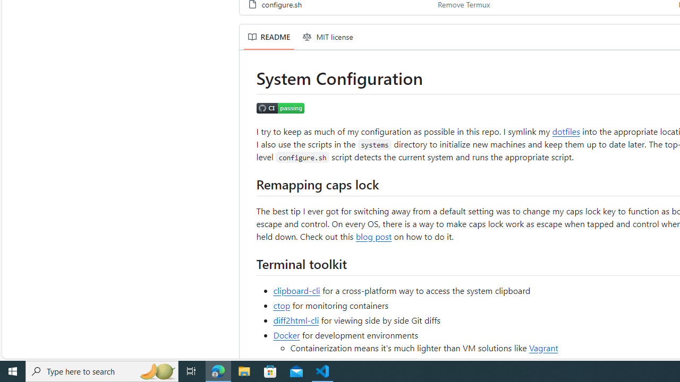  What do you see at coordinates (280, 108) in the screenshot?
I see `'CI status'` at bounding box center [280, 108].